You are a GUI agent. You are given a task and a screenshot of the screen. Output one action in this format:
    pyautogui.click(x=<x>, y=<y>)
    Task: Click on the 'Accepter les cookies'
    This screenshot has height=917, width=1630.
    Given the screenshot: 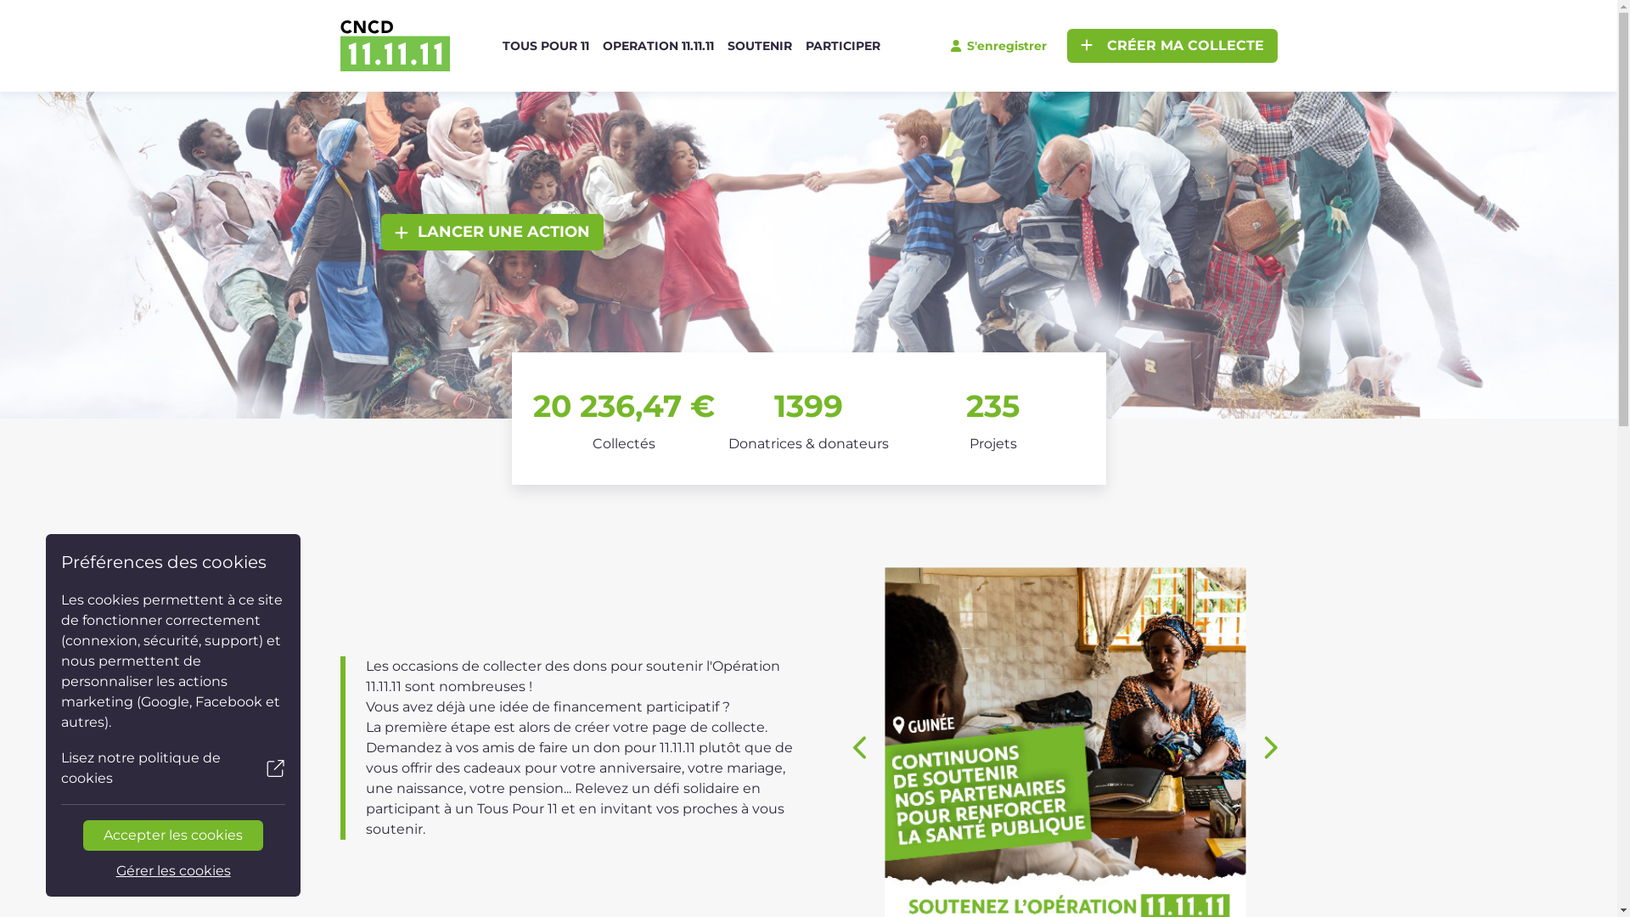 What is the action you would take?
    pyautogui.click(x=173, y=834)
    